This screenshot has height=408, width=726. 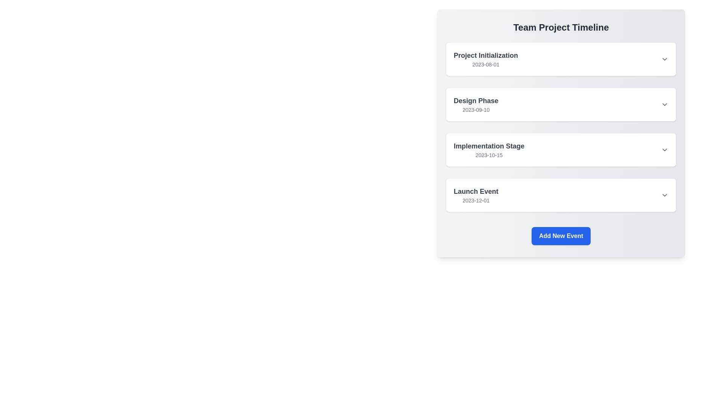 I want to click on the List item with dropdown functionality in the 'Team Project Timeline' panel, which is the third entry between 'Design Phase' and 'Launch Event', so click(x=561, y=150).